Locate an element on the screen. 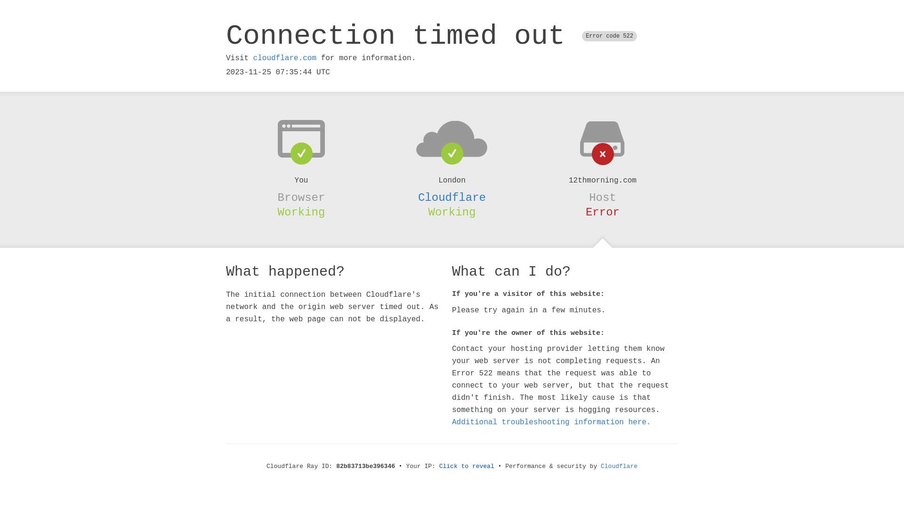  'Cloudflare' is located at coordinates (452, 197).